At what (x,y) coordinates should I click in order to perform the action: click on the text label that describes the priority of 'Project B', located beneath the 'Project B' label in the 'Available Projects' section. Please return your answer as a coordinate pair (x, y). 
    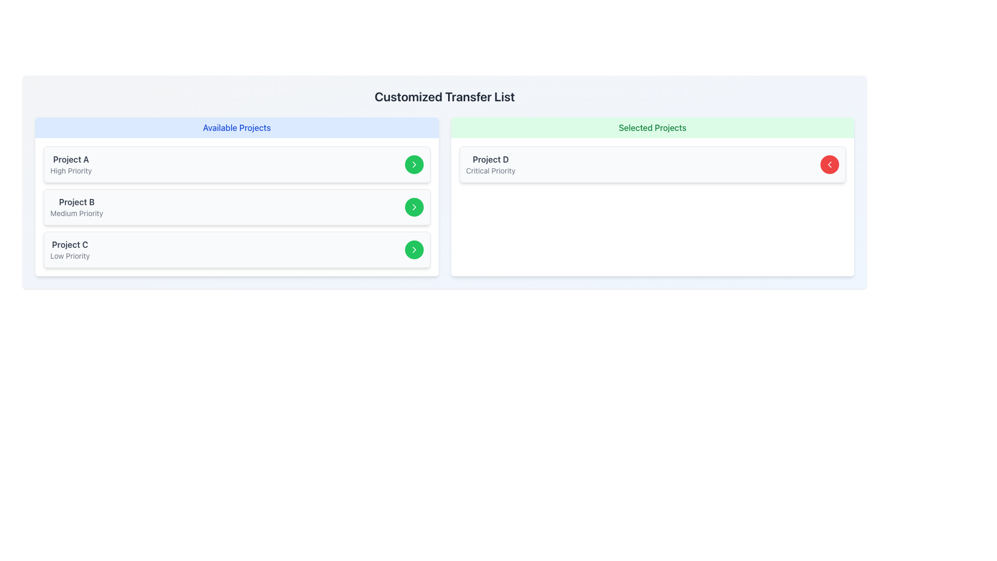
    Looking at the image, I should click on (76, 213).